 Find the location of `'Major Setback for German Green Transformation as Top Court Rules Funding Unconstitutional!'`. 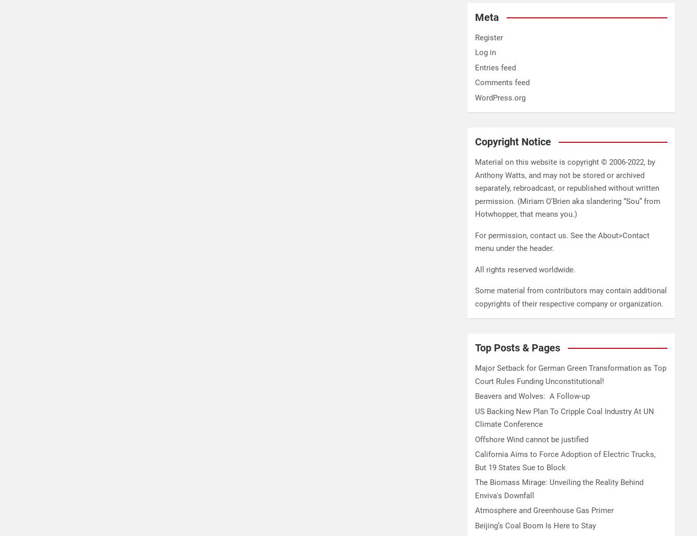

'Major Setback for German Green Transformation as Top Court Rules Funding Unconstitutional!' is located at coordinates (570, 374).